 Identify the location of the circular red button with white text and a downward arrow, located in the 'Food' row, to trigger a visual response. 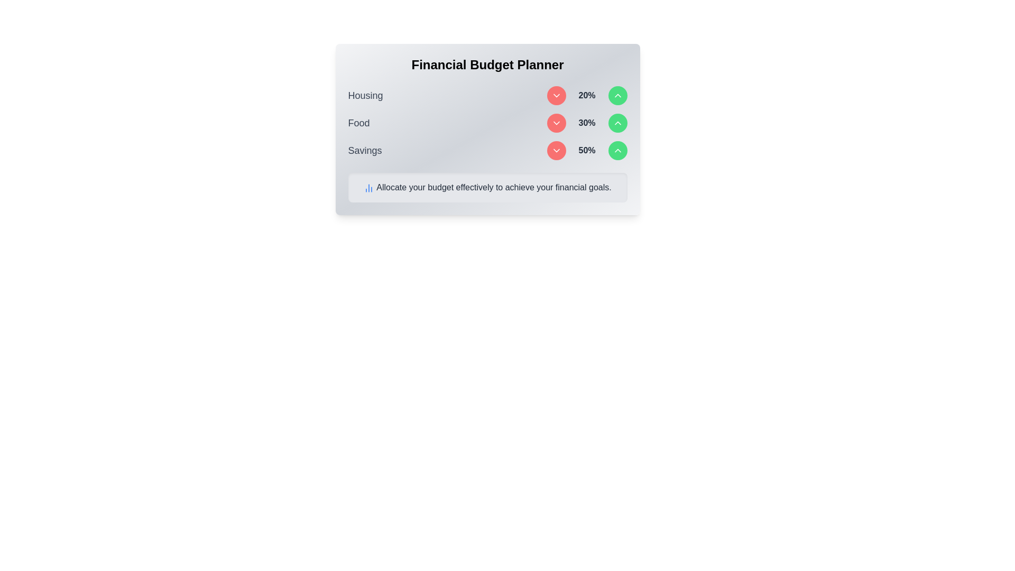
(556, 122).